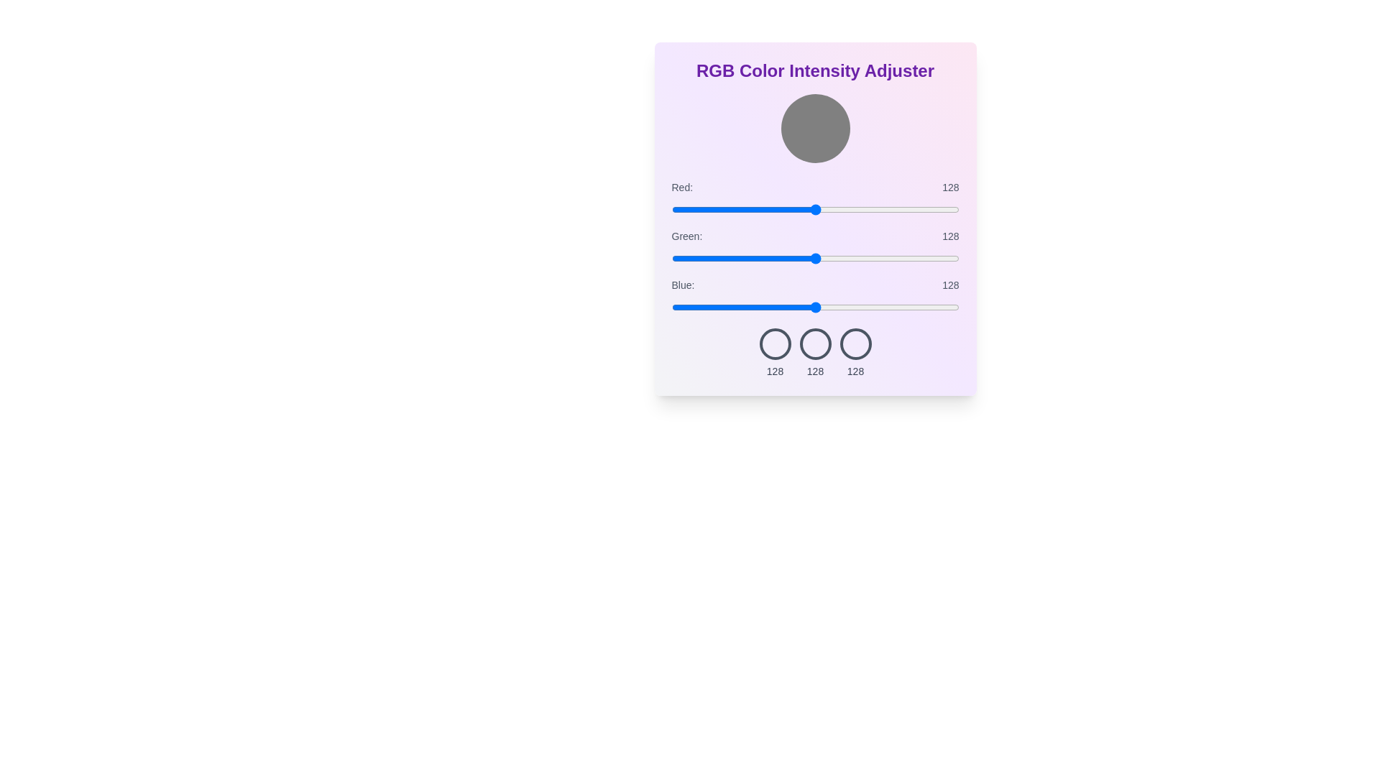  I want to click on the green slider to set its intensity to 130, so click(818, 257).